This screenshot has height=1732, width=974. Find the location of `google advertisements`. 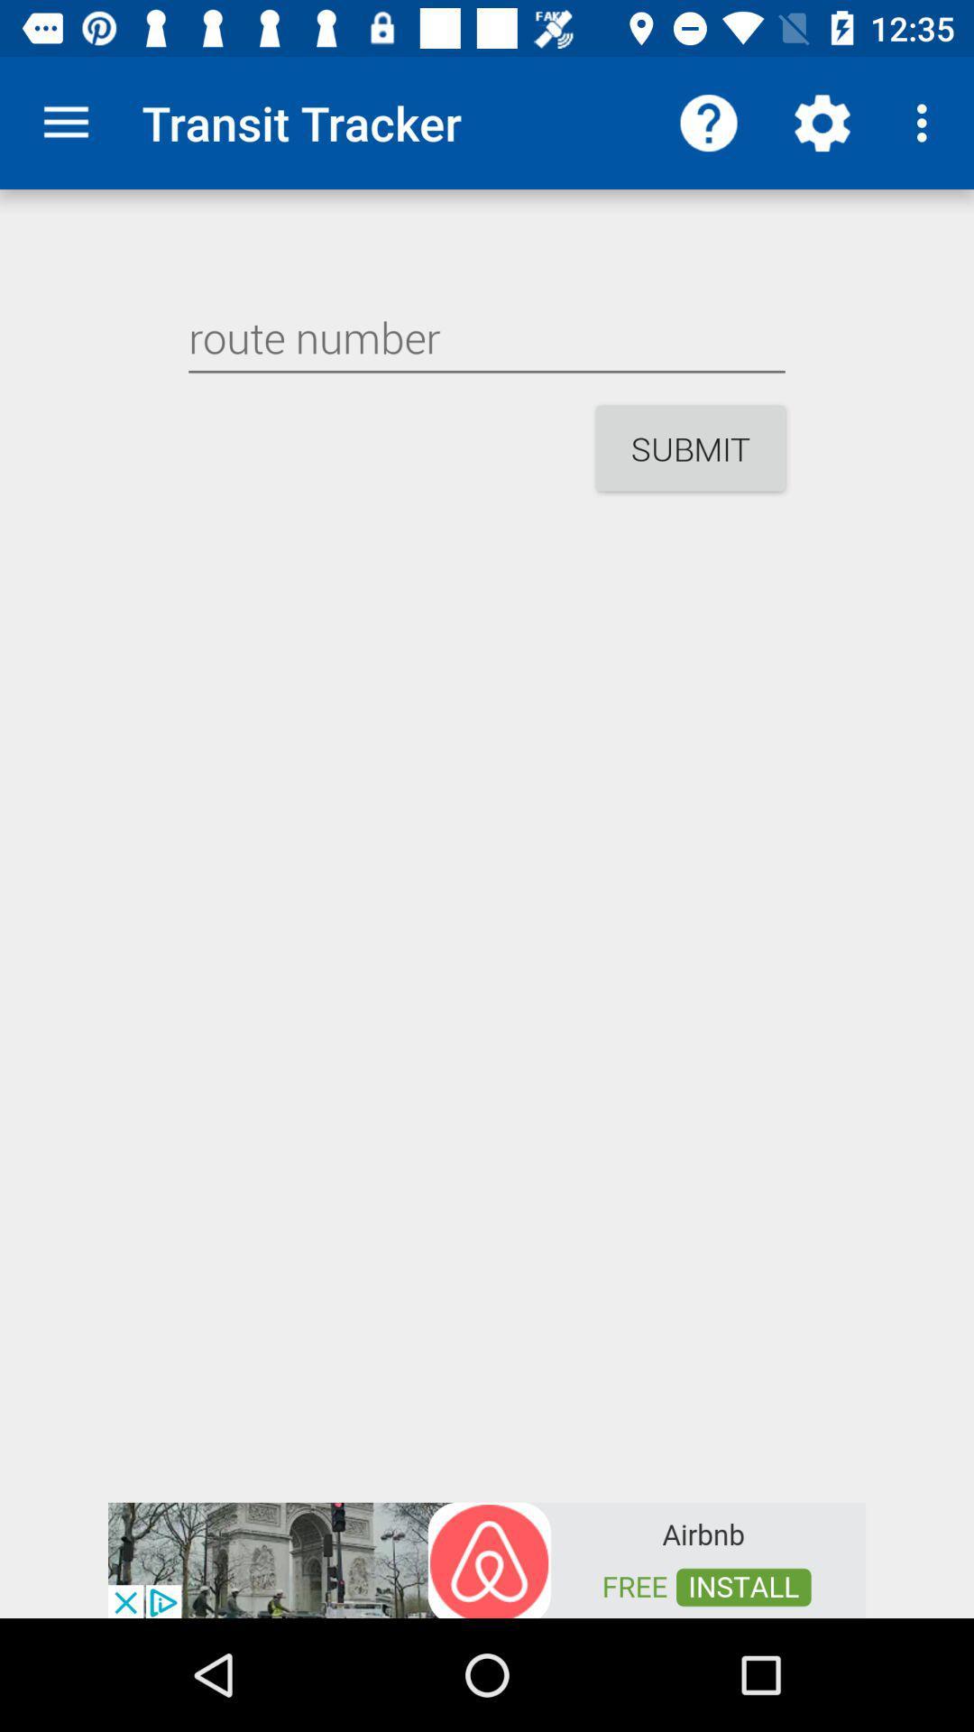

google advertisements is located at coordinates (487, 1558).